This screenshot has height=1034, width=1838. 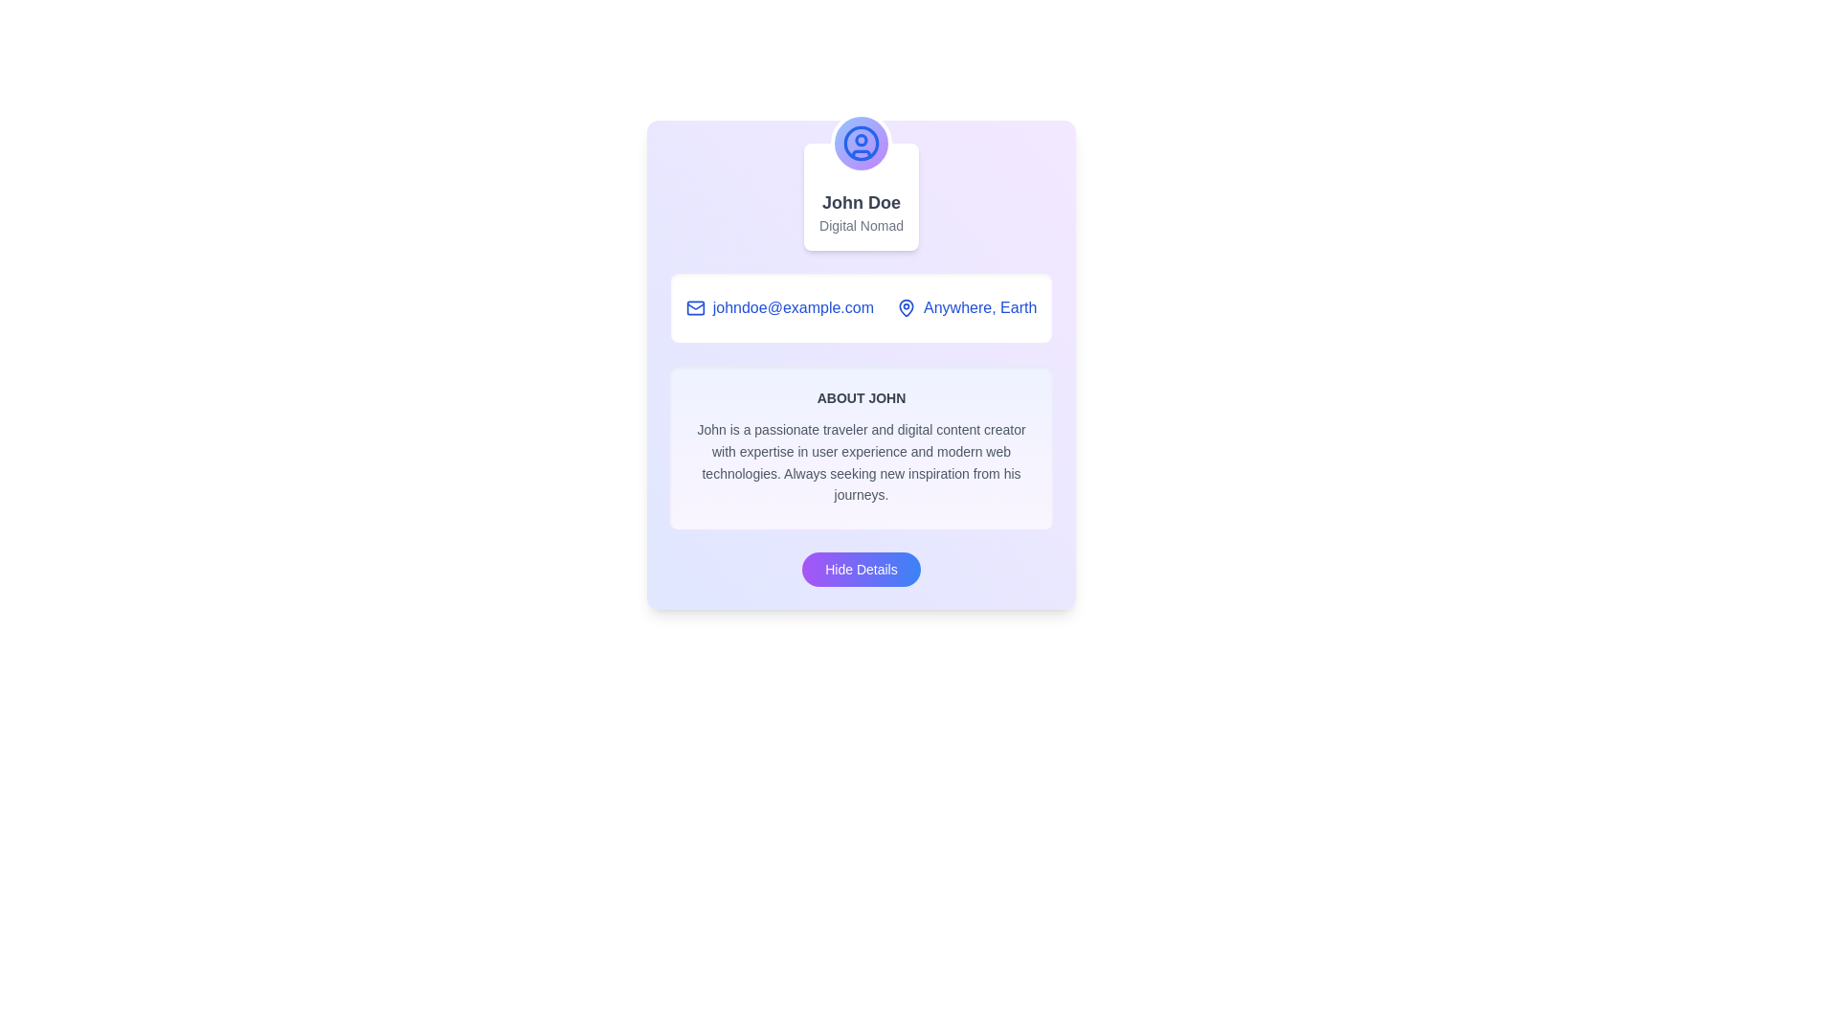 What do you see at coordinates (905, 306) in the screenshot?
I see `the map pin icon that visually represents a geographical location, located at the right end of the information row below the email address element, and is accompanied by the text 'Anywhere, Earth'` at bounding box center [905, 306].